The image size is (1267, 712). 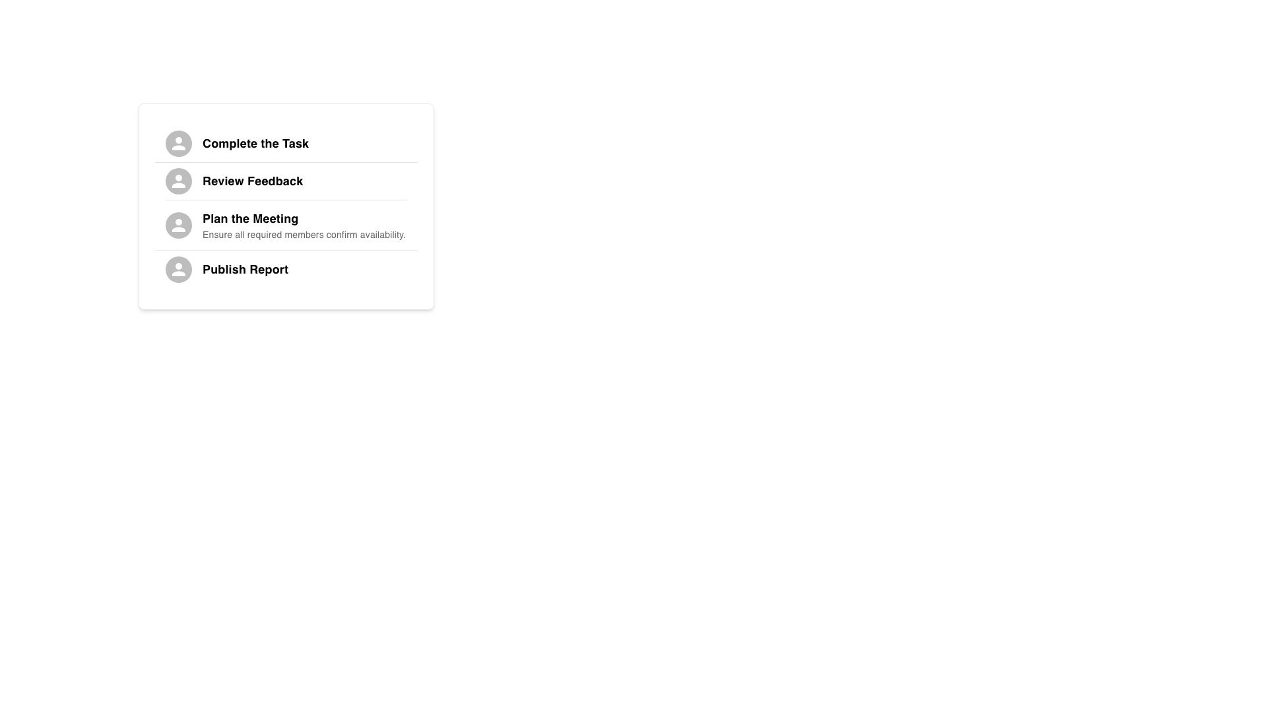 I want to click on the presence of the user icon located in the third row of the task list, next to the 'Plan the Meeting' task, so click(x=178, y=225).